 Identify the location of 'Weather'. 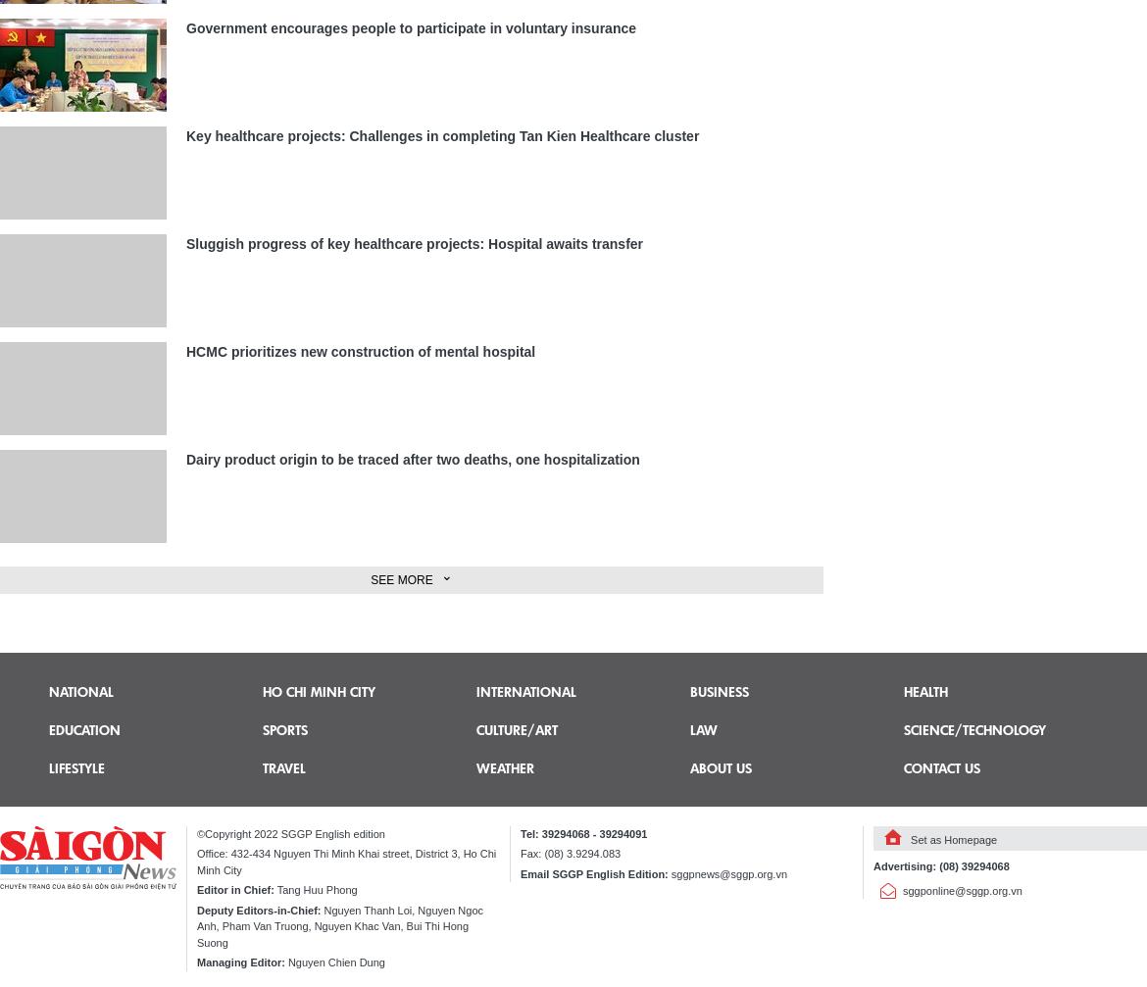
(504, 765).